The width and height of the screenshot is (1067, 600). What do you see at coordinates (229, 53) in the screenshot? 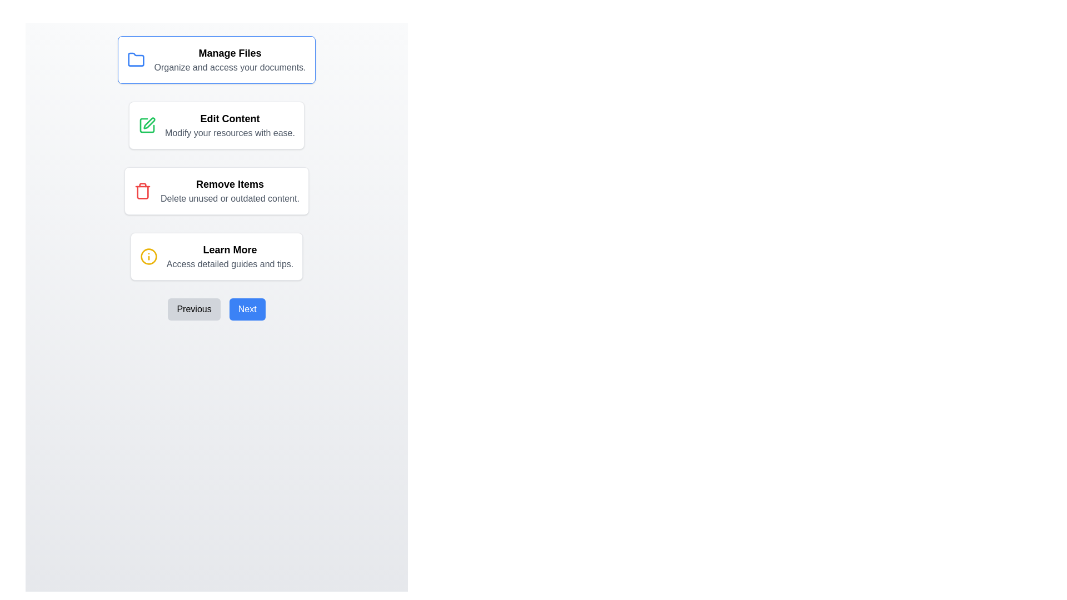
I see `bold text label 'Manage Files' located near the top of the interface, above the descriptive text 'Organize and access your documents.'` at bounding box center [229, 53].